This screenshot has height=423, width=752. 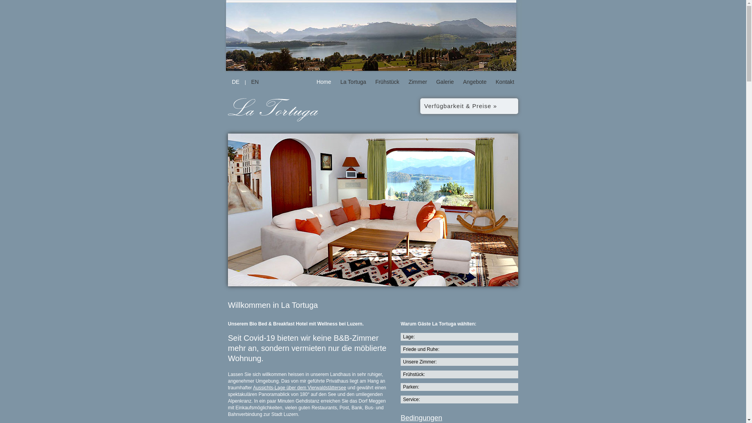 I want to click on 'DE', so click(x=235, y=81).